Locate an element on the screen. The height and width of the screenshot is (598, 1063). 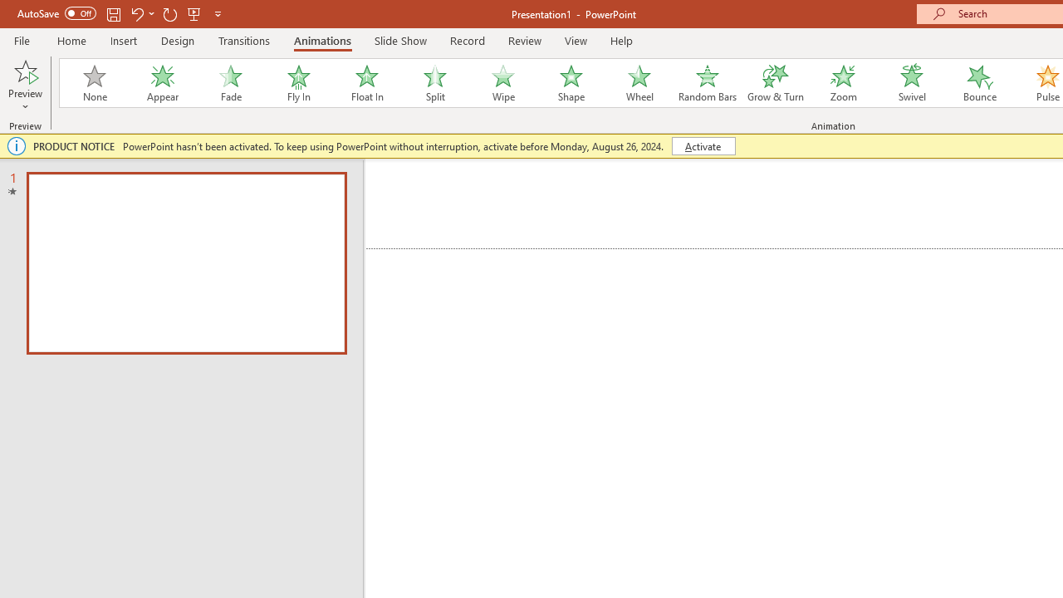
'Preview' is located at coordinates (25, 70).